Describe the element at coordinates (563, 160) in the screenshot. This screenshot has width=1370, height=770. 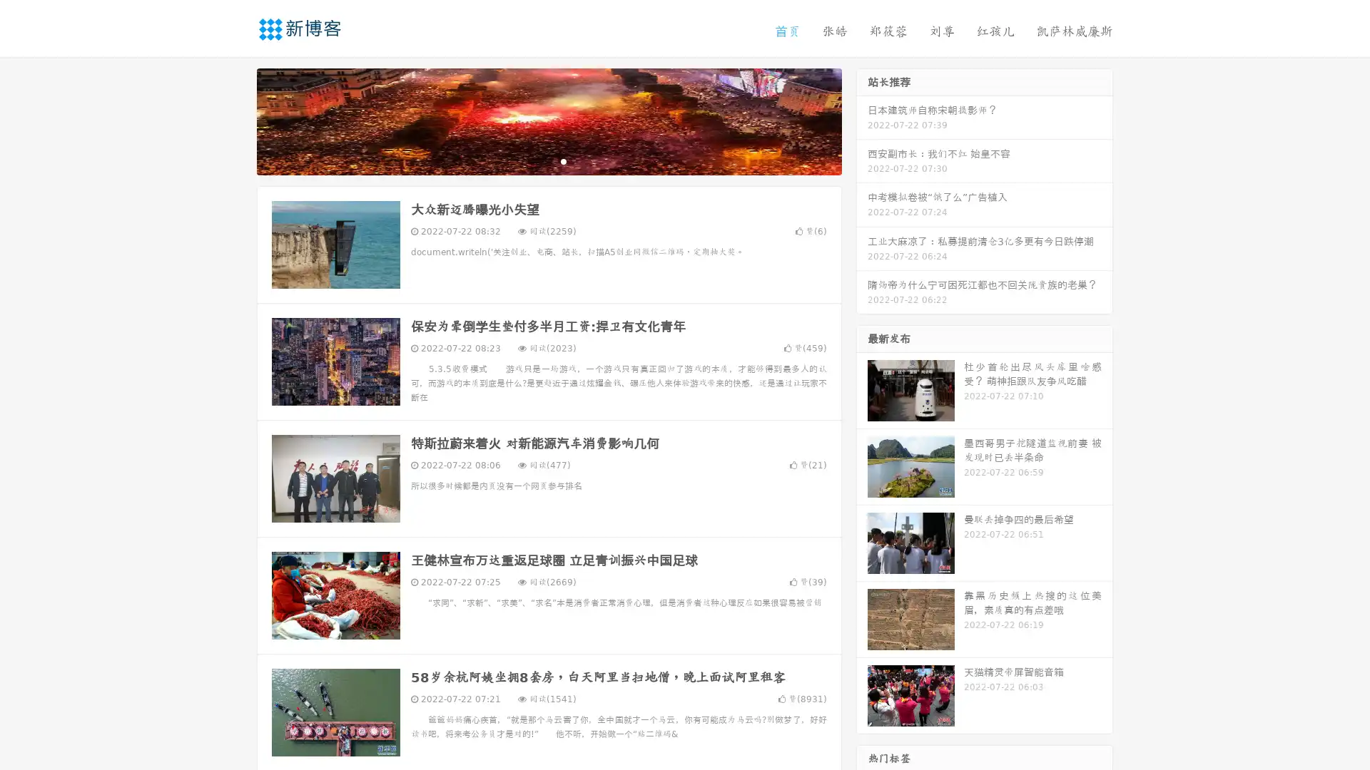
I see `Go to slide 3` at that location.